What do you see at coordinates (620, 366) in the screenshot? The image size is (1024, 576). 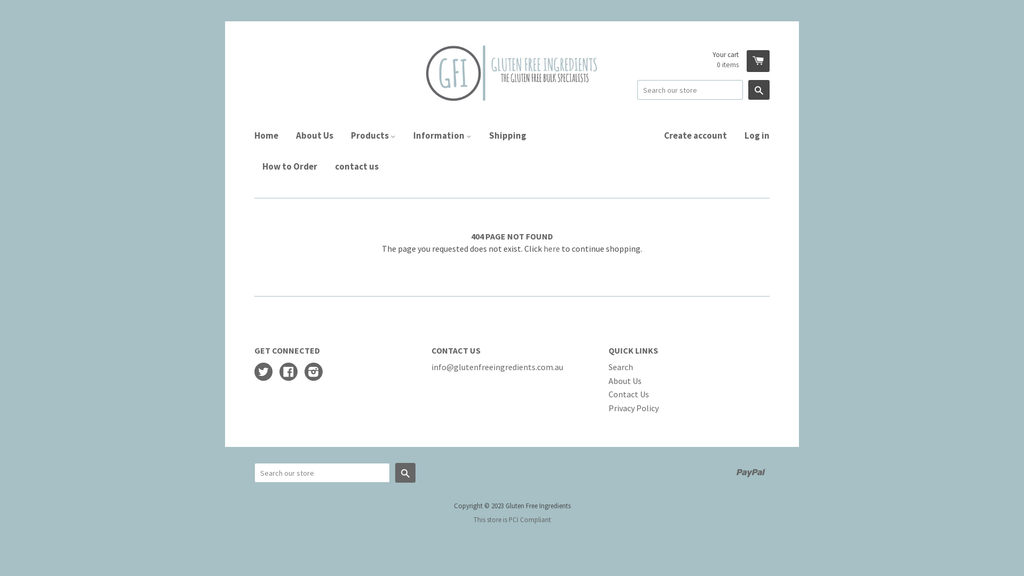 I see `'Search'` at bounding box center [620, 366].